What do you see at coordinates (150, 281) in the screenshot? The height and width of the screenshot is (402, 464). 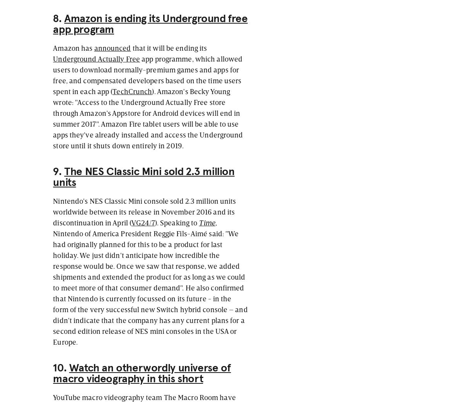 I see `', Nintendo of America President Reggie Fils-Aimé said: "We had originally planned for this to be a product for last holiday. We just didn't anticipate how incredible the response would be. Once we saw that response, we added shipments and extended the product for as long as we could to meet more of that consumer demand". He also confirmed that Nintendo is currently focussed on its future - in the form of the very successful new Switch hybrid console – and didn't indicate that the company has any current plans for a second edition release of NES mini consoles in the USA or Europe.'` at bounding box center [150, 281].